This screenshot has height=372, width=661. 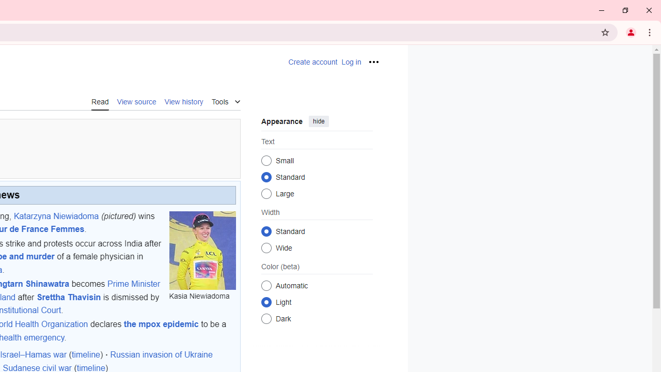 I want to click on 'Standard', so click(x=266, y=230).